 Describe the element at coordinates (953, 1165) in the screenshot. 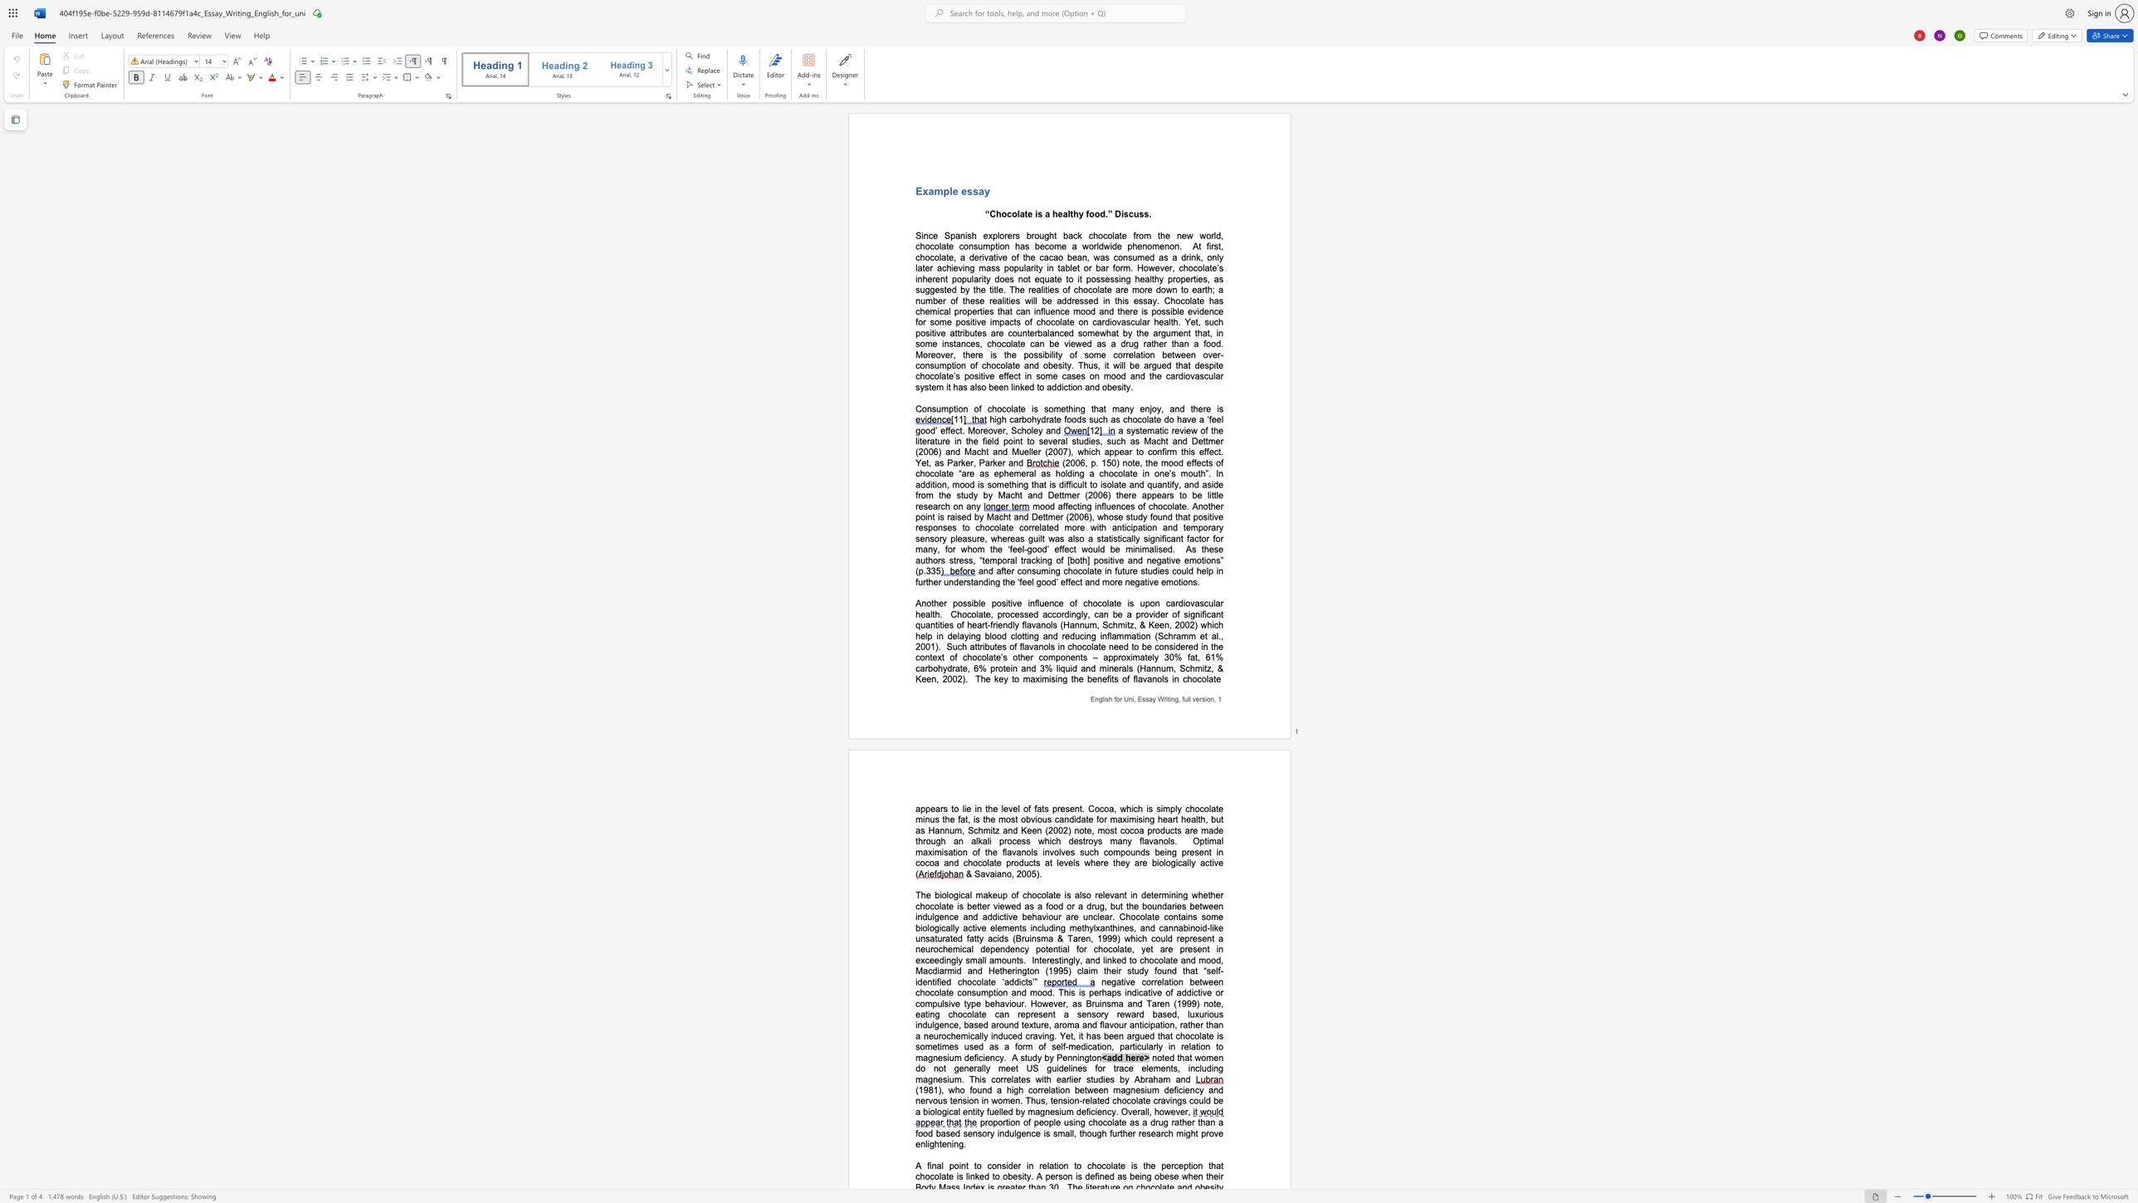

I see `the subset text "oint" within the text "A final point"` at that location.